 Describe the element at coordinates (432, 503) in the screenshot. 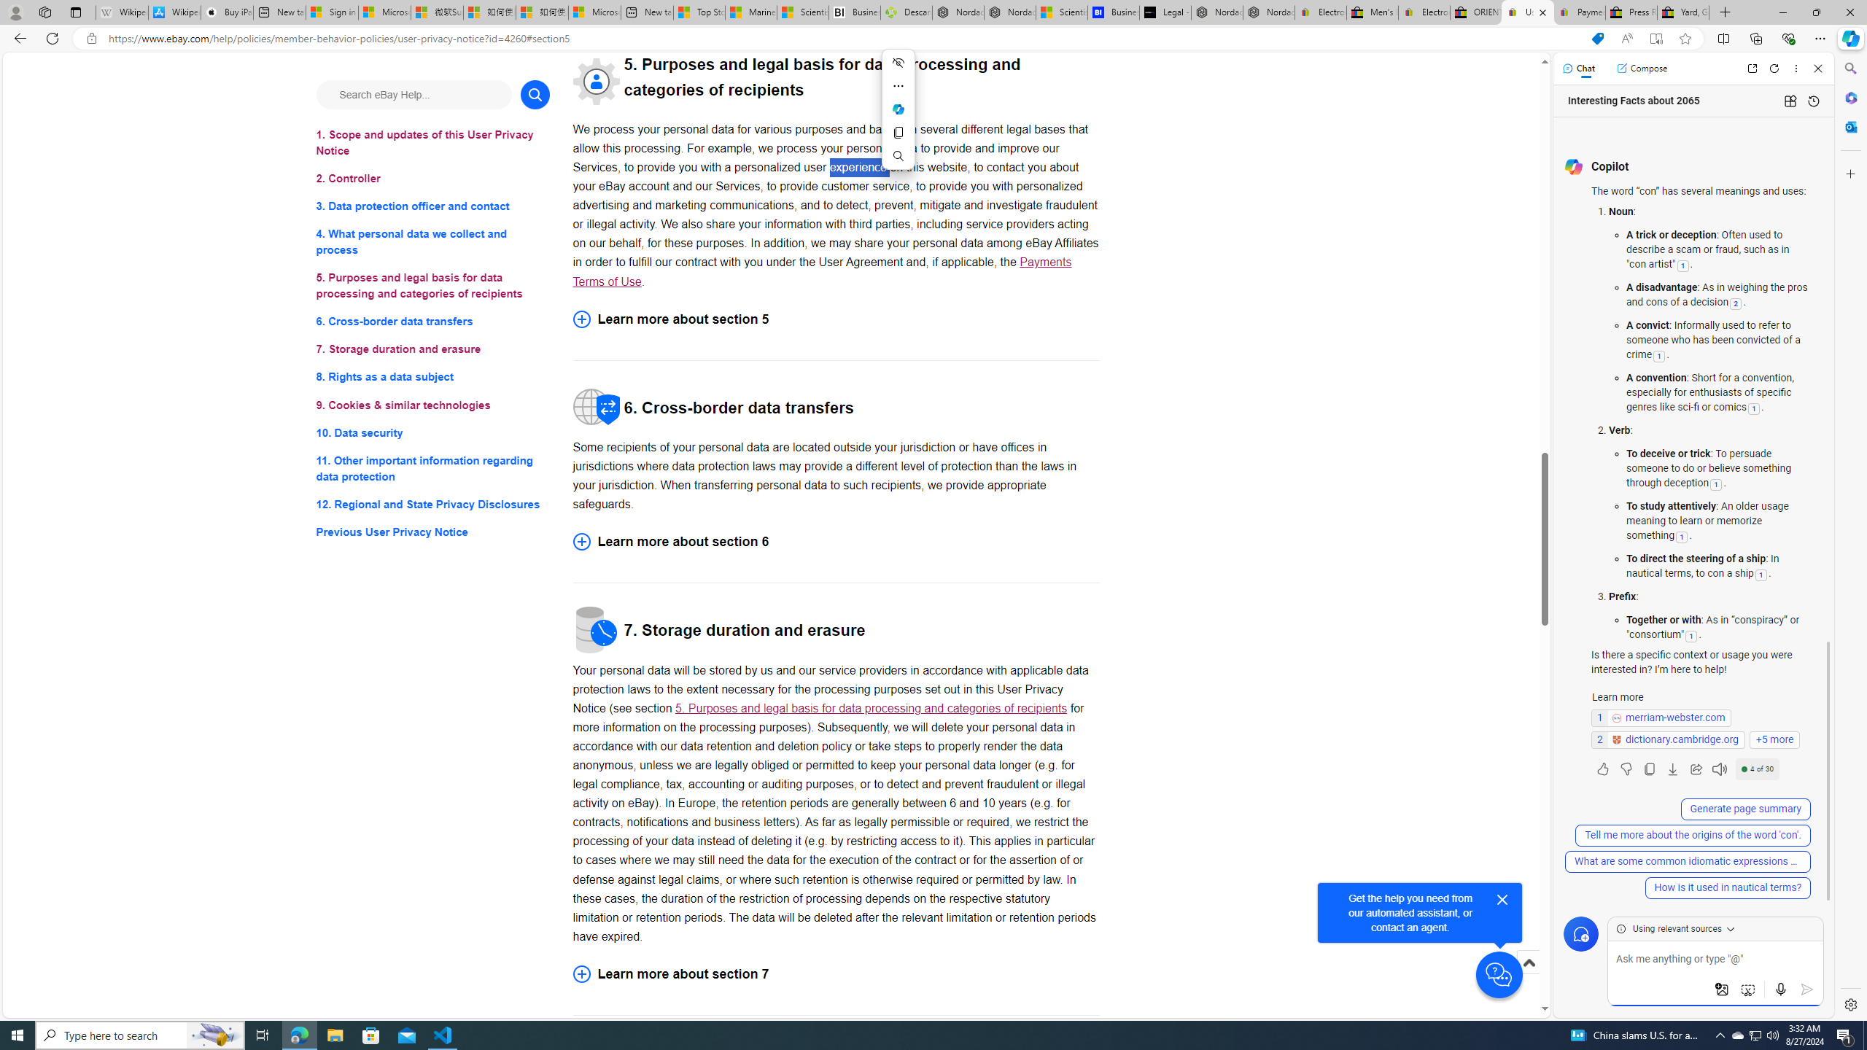

I see `'12. Regional and State Privacy Disclosures'` at that location.